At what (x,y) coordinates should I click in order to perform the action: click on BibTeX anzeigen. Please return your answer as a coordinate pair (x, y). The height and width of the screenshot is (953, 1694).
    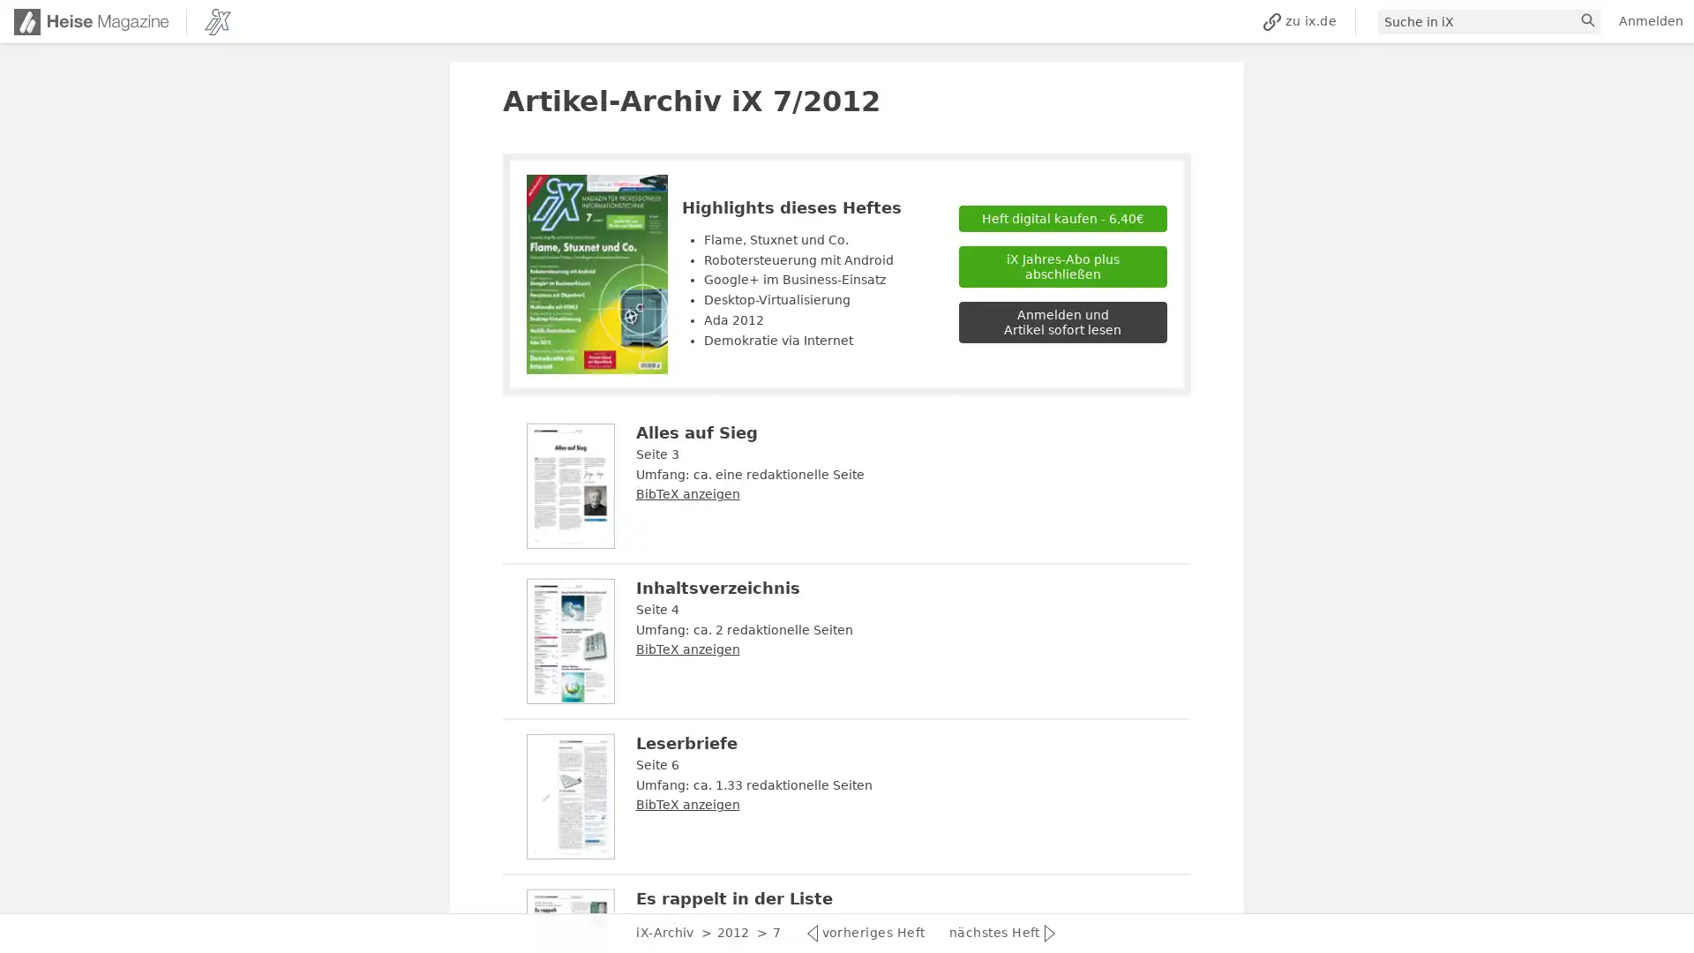
    Looking at the image, I should click on (686, 649).